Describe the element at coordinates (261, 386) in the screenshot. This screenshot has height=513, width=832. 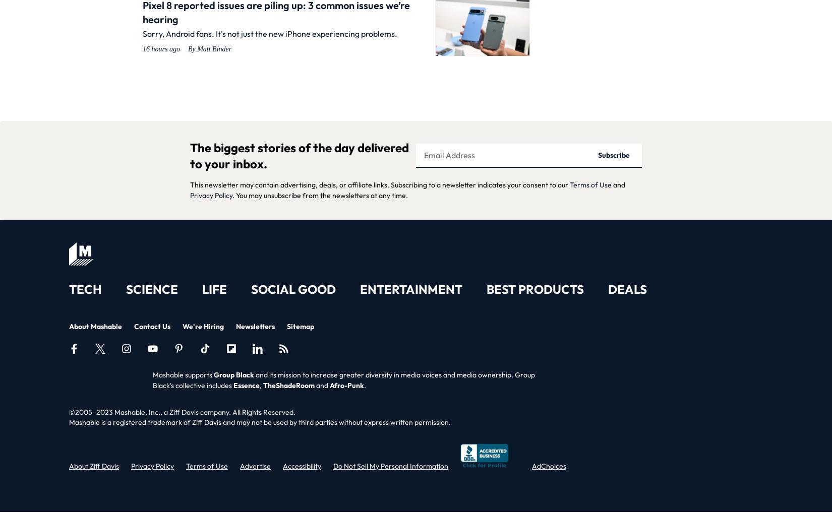
I see `','` at that location.